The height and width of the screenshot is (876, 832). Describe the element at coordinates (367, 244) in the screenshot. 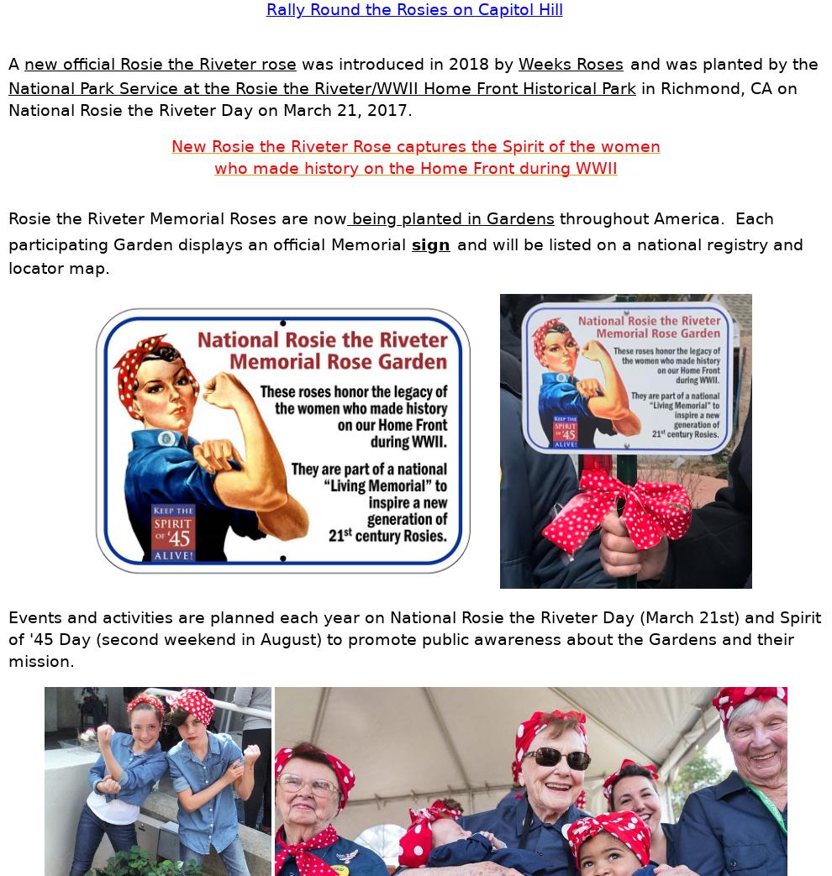

I see `'Memorial'` at that location.